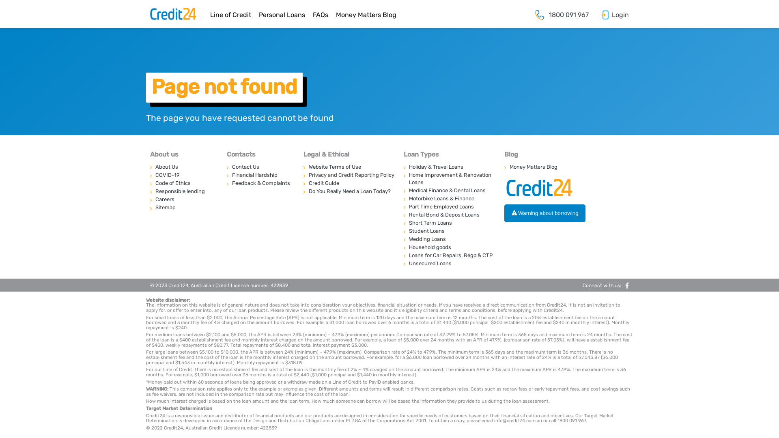 This screenshot has height=438, width=779. Describe the element at coordinates (282, 14) in the screenshot. I see `'Personal Loans'` at that location.